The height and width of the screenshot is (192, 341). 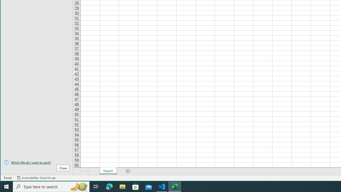 What do you see at coordinates (109, 186) in the screenshot?
I see `'Microsoft Edge'` at bounding box center [109, 186].